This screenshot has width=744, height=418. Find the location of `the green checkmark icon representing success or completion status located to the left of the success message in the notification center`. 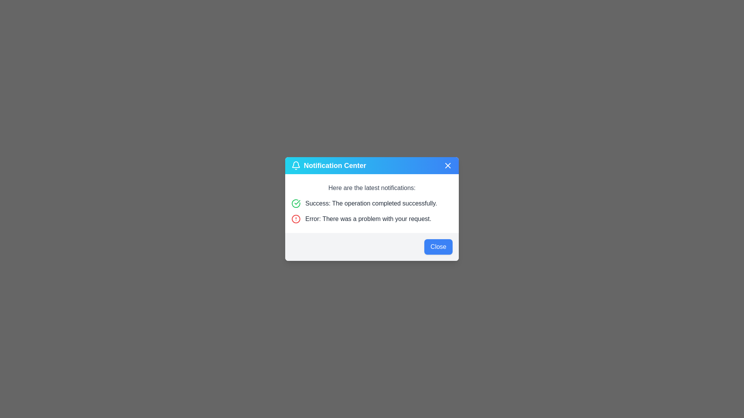

the green checkmark icon representing success or completion status located to the left of the success message in the notification center is located at coordinates (295, 203).